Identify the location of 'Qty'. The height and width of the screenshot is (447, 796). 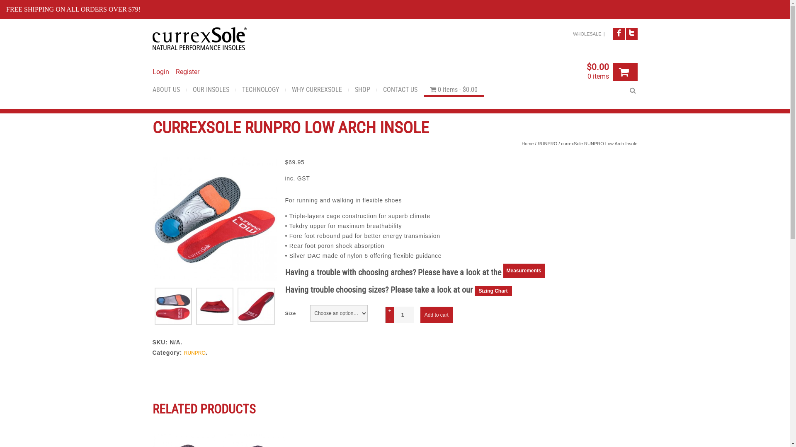
(400, 315).